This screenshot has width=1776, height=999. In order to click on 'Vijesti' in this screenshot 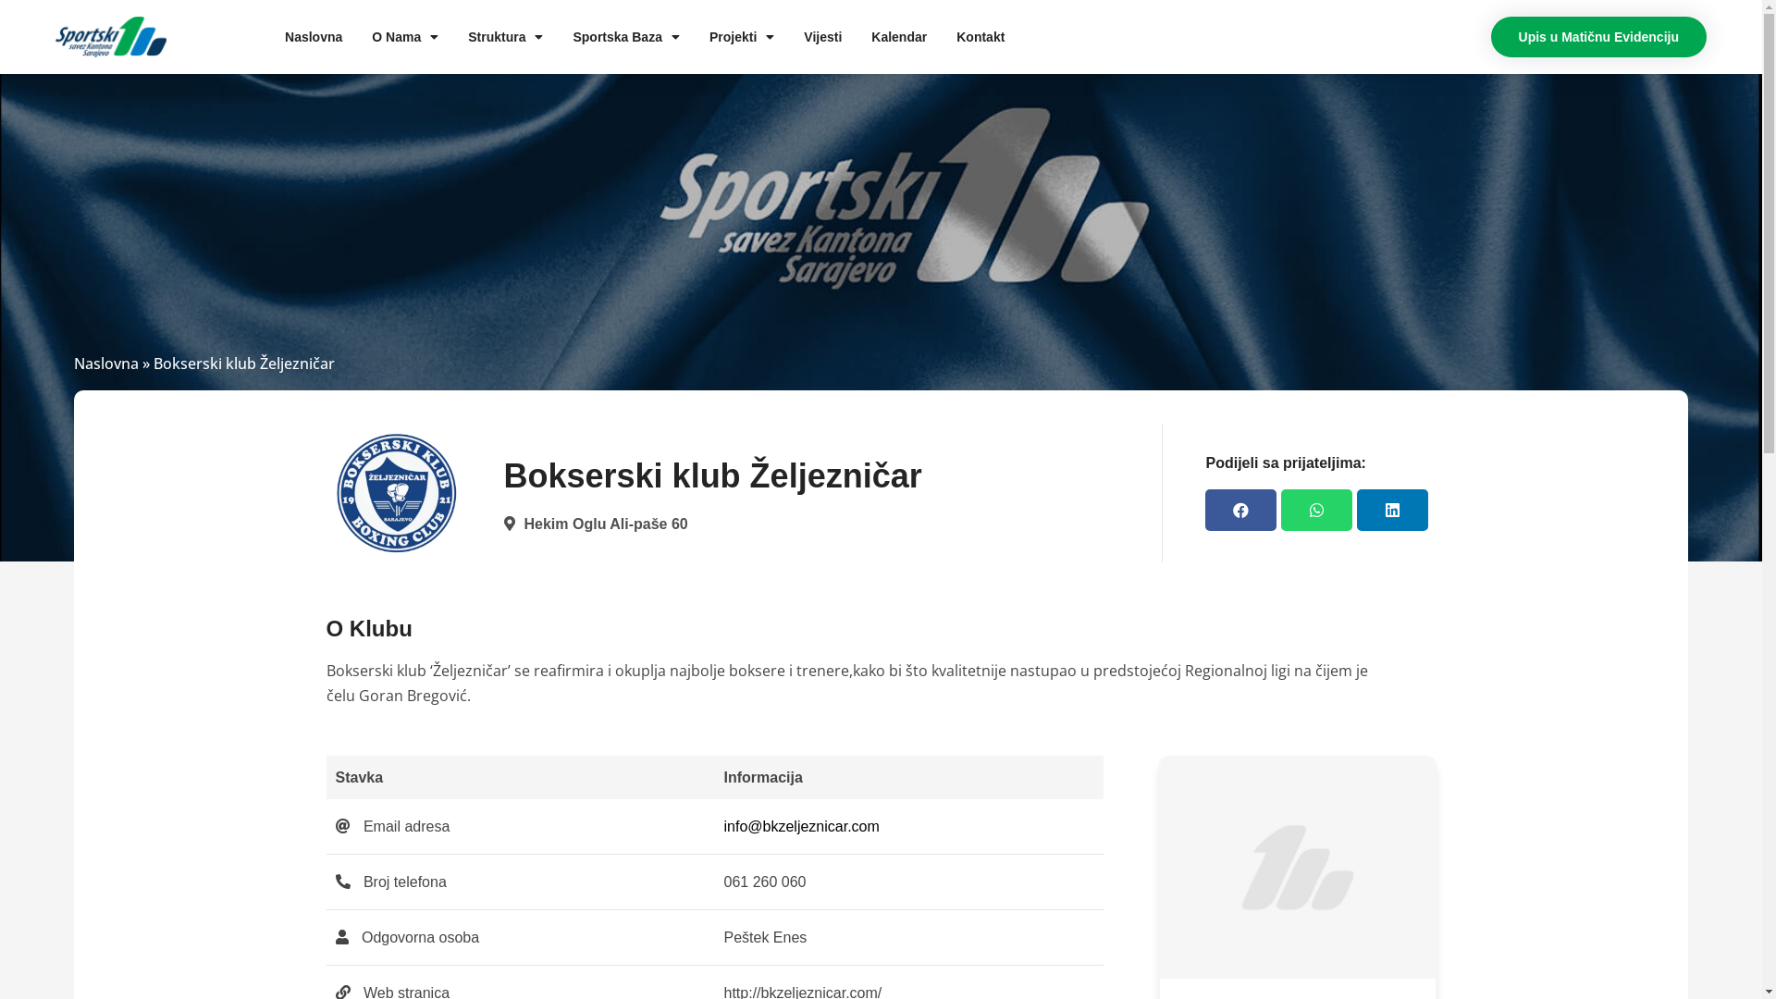, I will do `click(789, 36)`.